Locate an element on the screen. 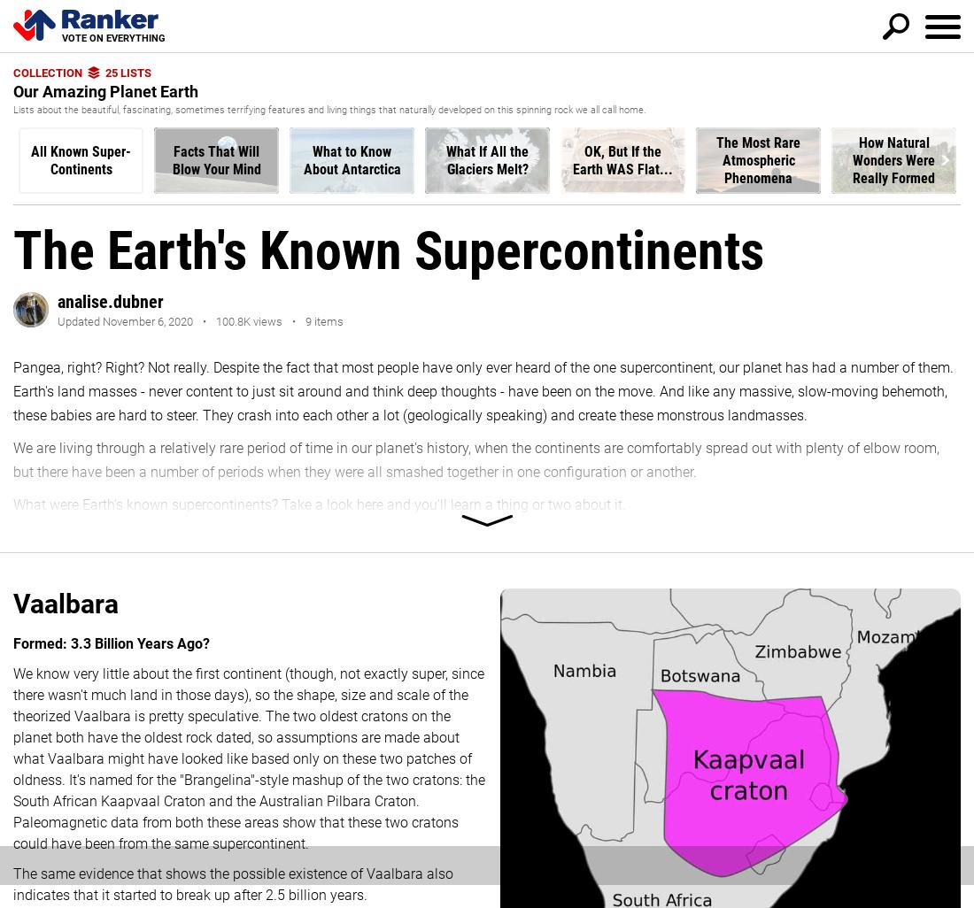 The height and width of the screenshot is (908, 974). 'What were Earth's known supercontinents? Take a look here and you'll learn a thing or two about it.' is located at coordinates (320, 503).